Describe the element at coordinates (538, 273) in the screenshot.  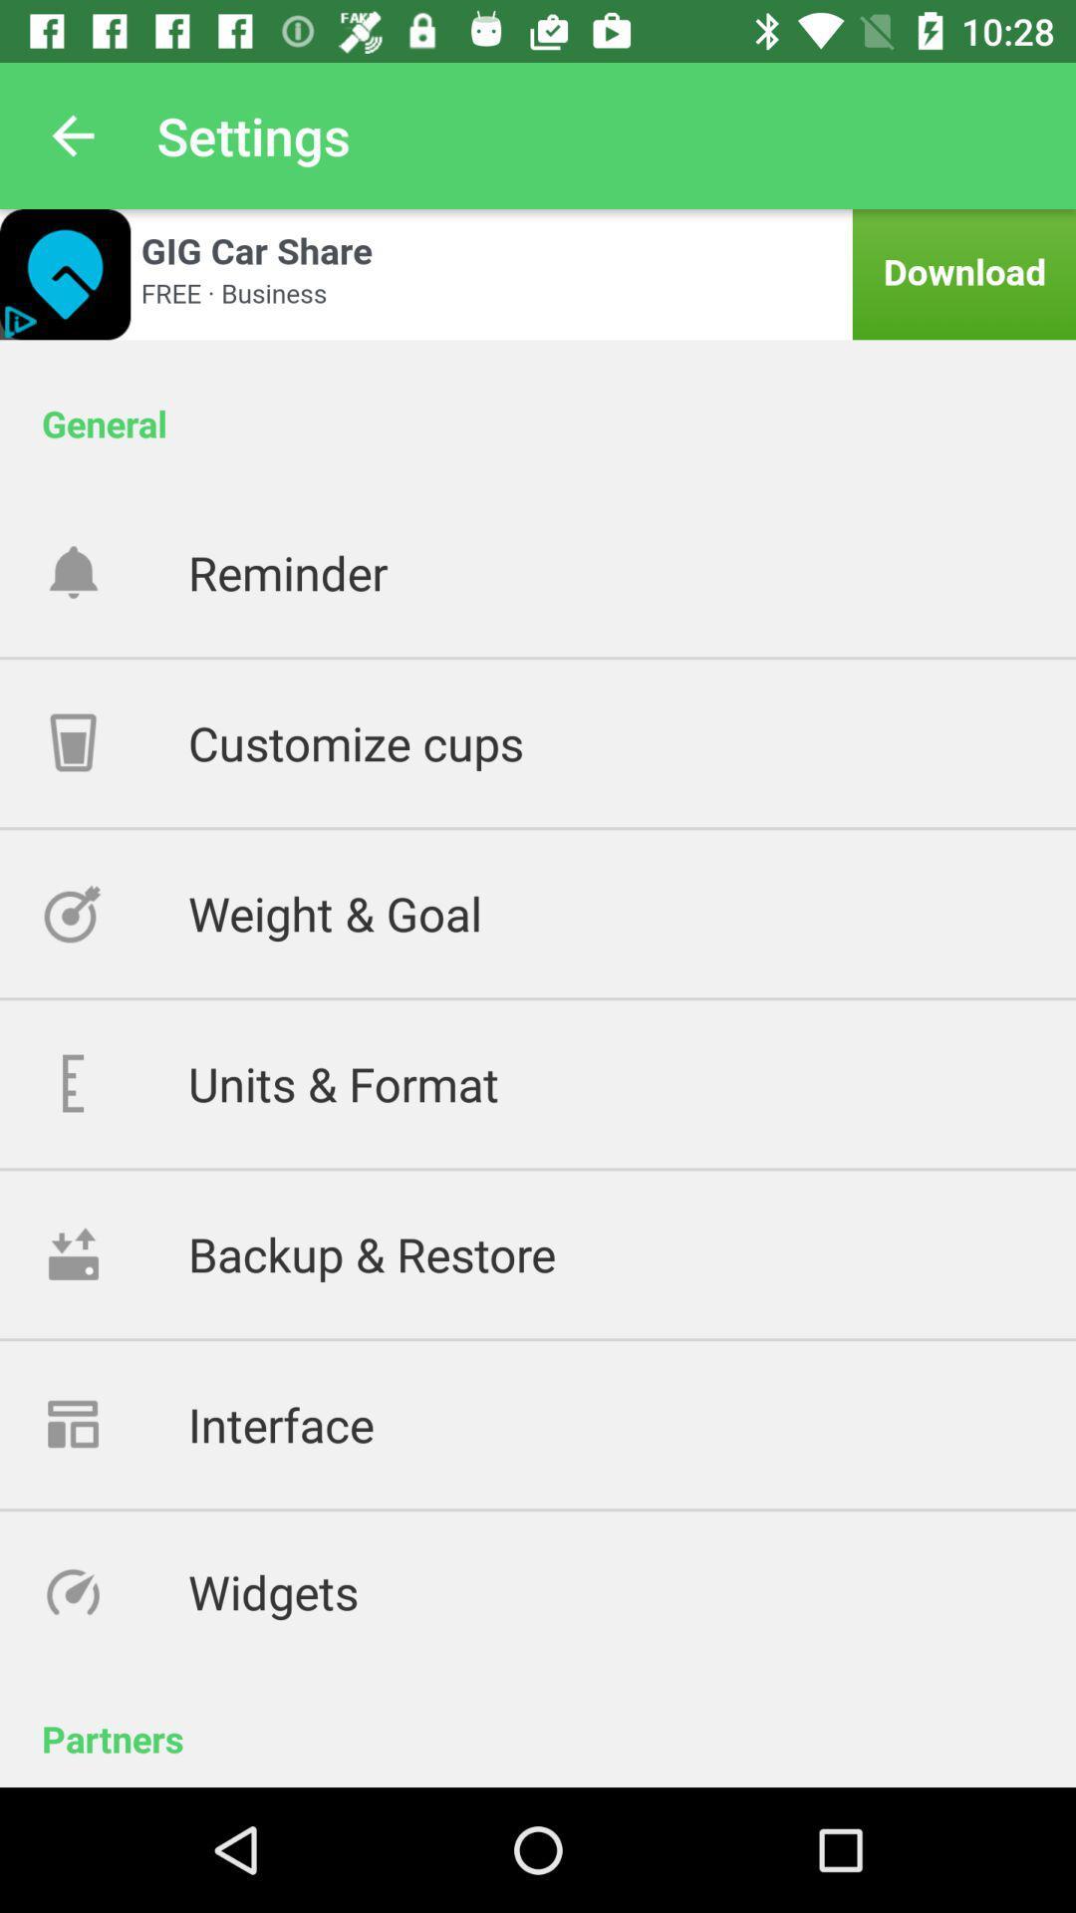
I see `advertisement` at that location.